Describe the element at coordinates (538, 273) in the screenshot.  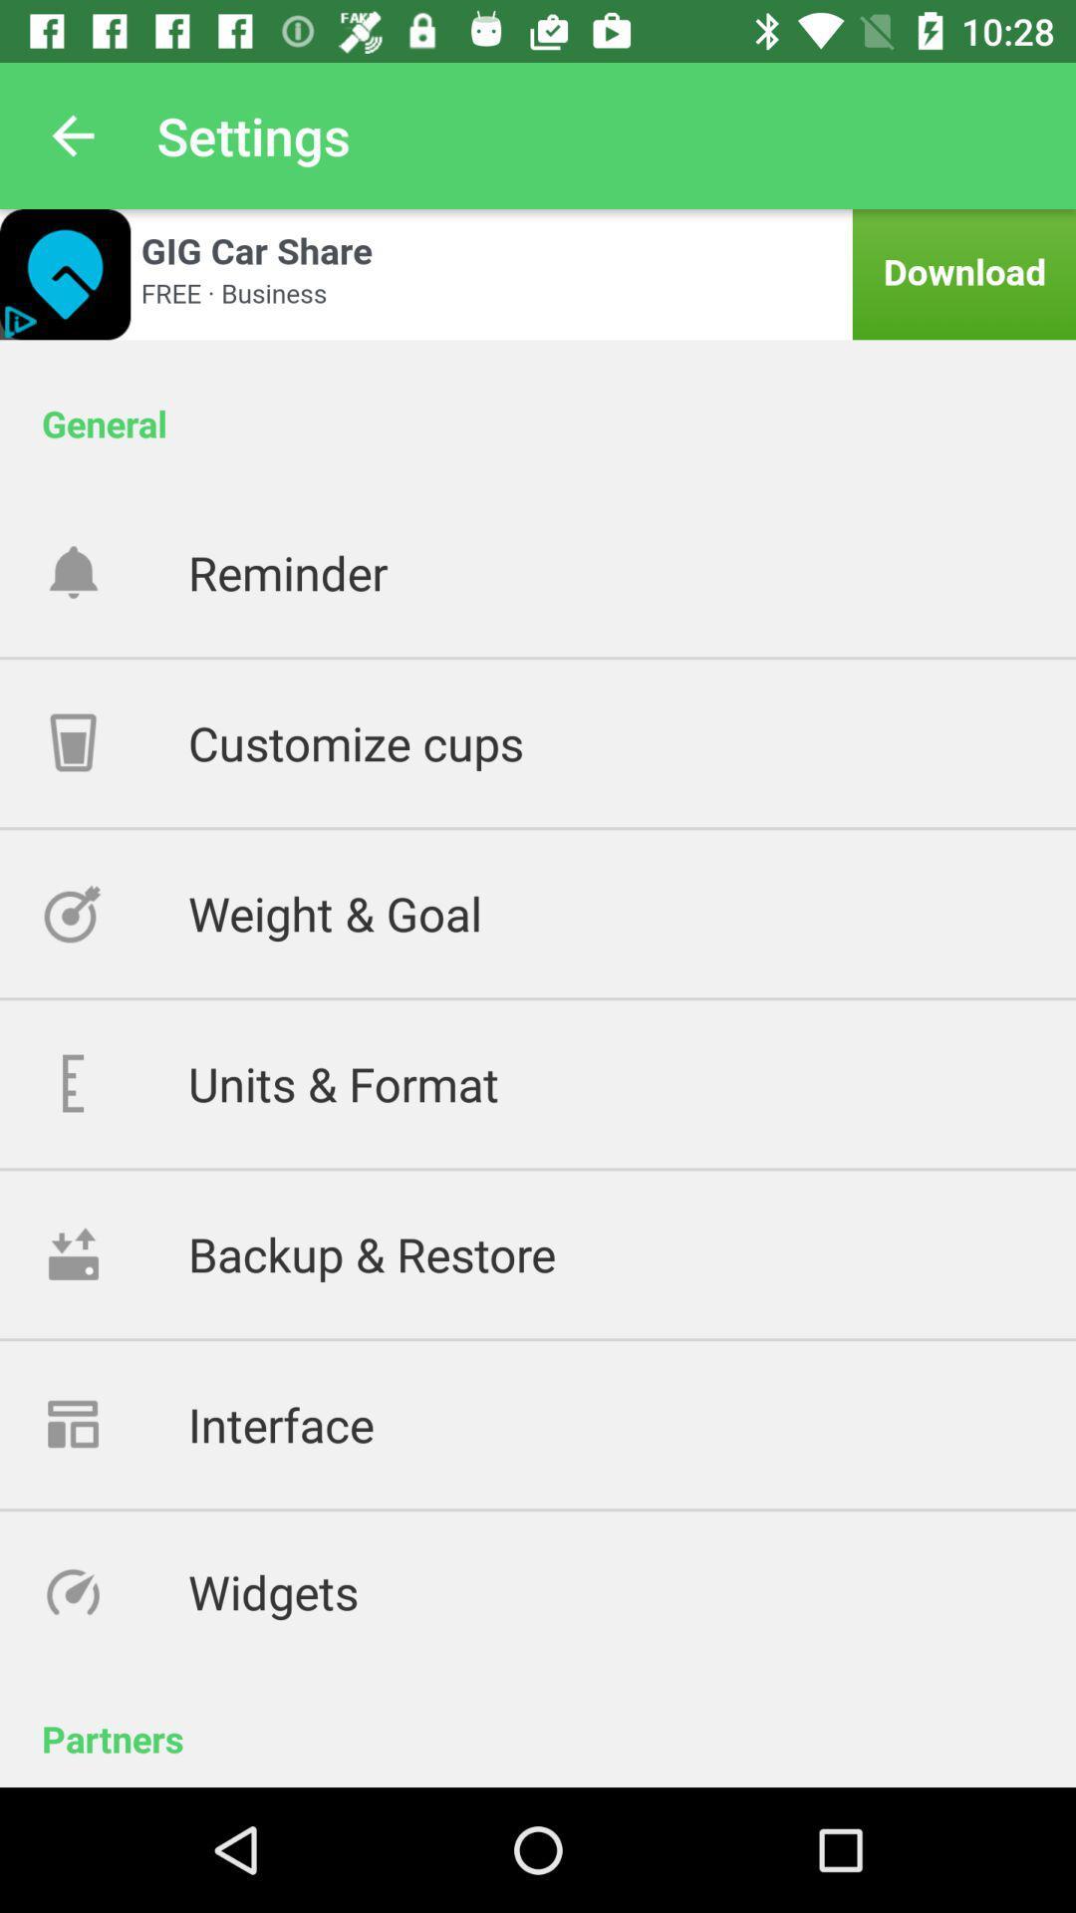
I see `advertisement` at that location.